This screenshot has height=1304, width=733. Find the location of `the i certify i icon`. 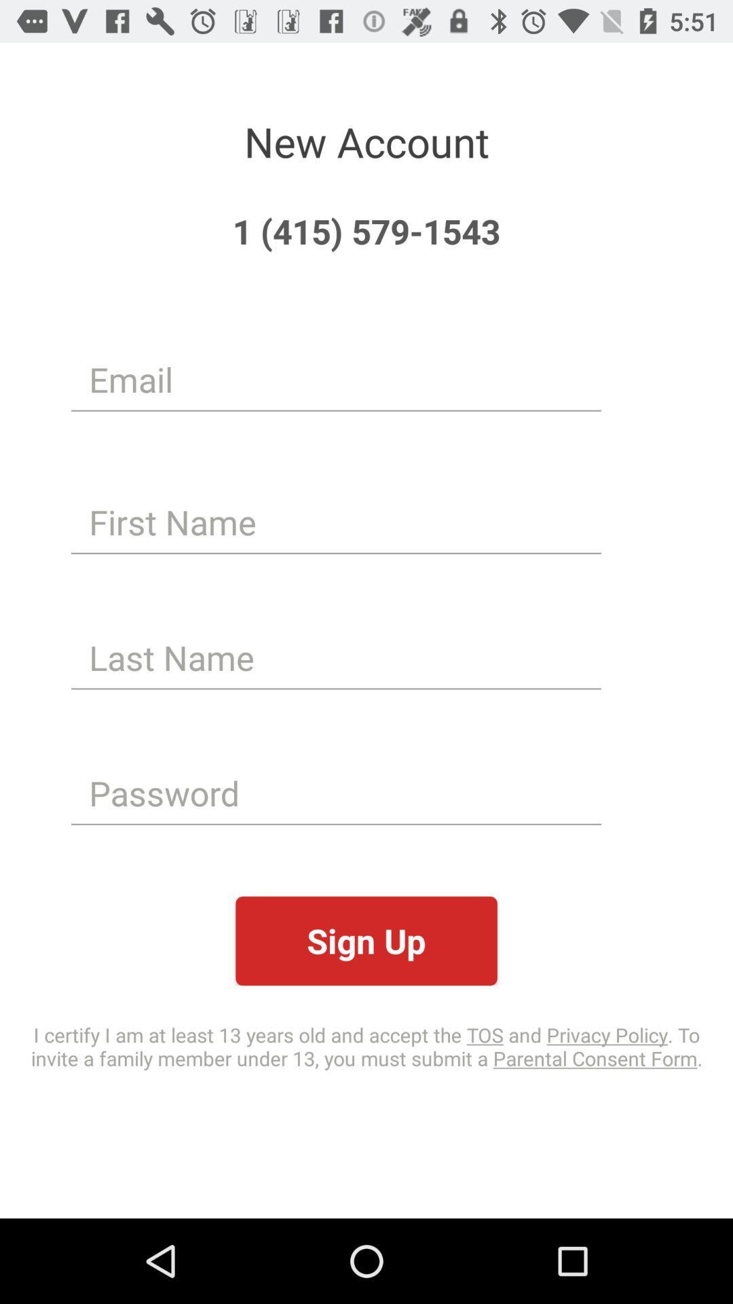

the i certify i icon is located at coordinates (366, 1045).